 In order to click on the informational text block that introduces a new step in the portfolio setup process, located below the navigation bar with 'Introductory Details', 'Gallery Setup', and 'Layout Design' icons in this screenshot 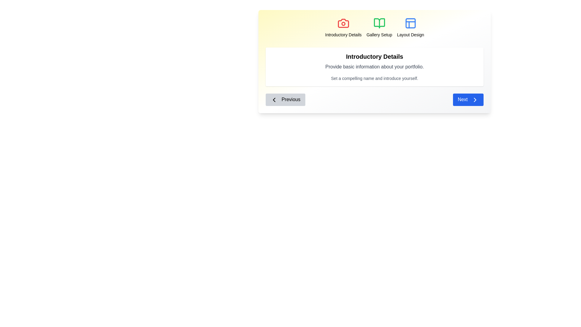, I will do `click(374, 67)`.